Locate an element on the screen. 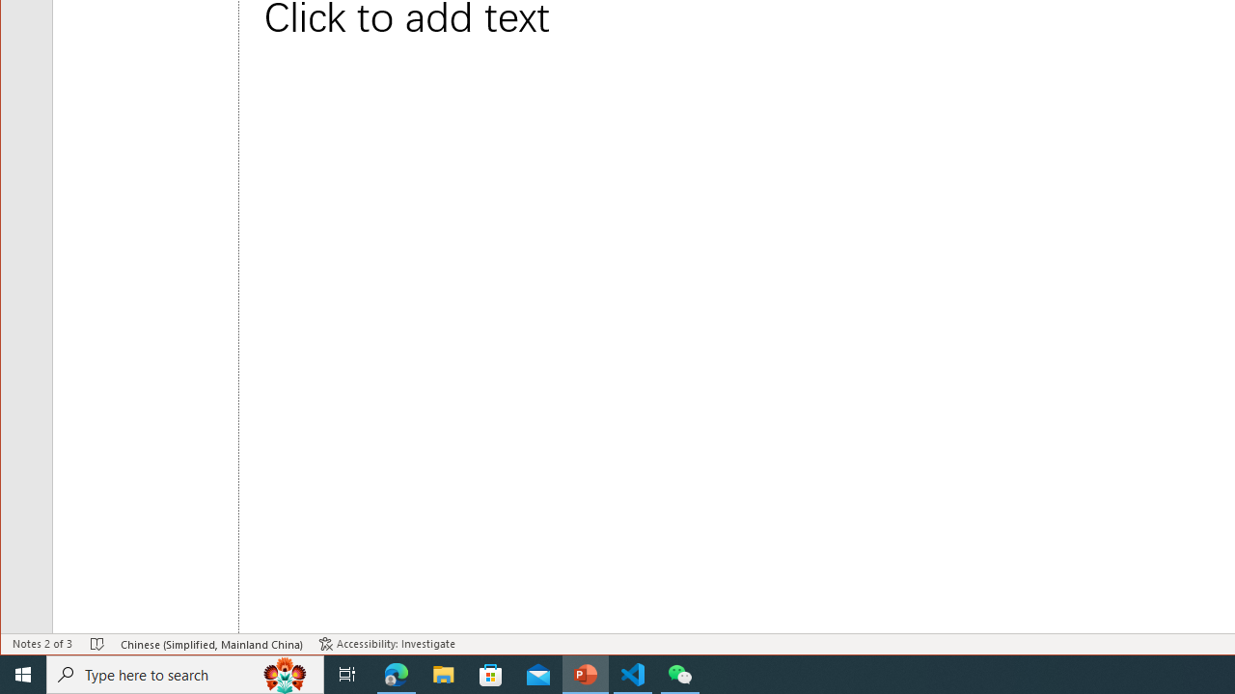 This screenshot has height=694, width=1235. 'Accessibility Checker Accessibility: Investigate' is located at coordinates (386, 644).